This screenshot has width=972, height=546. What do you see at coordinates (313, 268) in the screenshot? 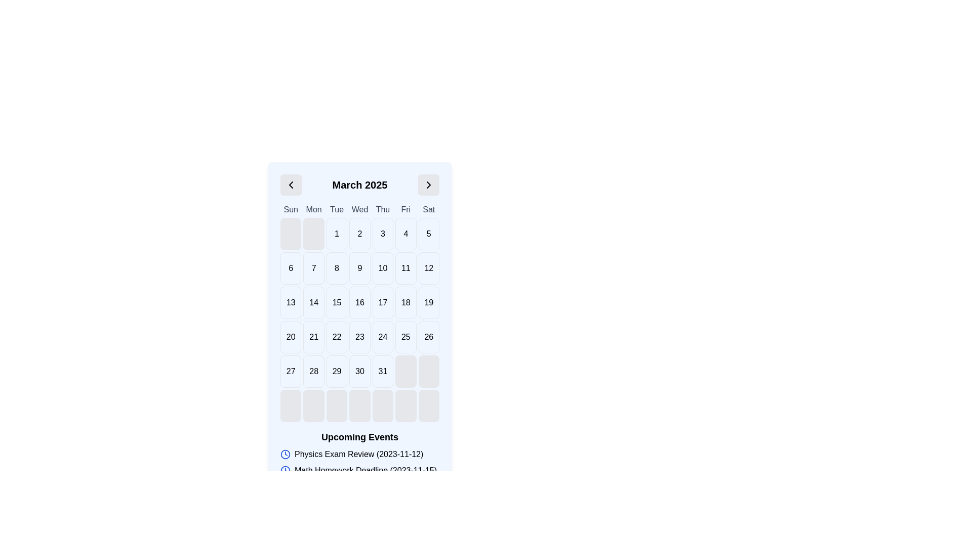
I see `on the calendar cell representing the date '7' in March 2025, located in the second row and second column of the calendar grid` at bounding box center [313, 268].